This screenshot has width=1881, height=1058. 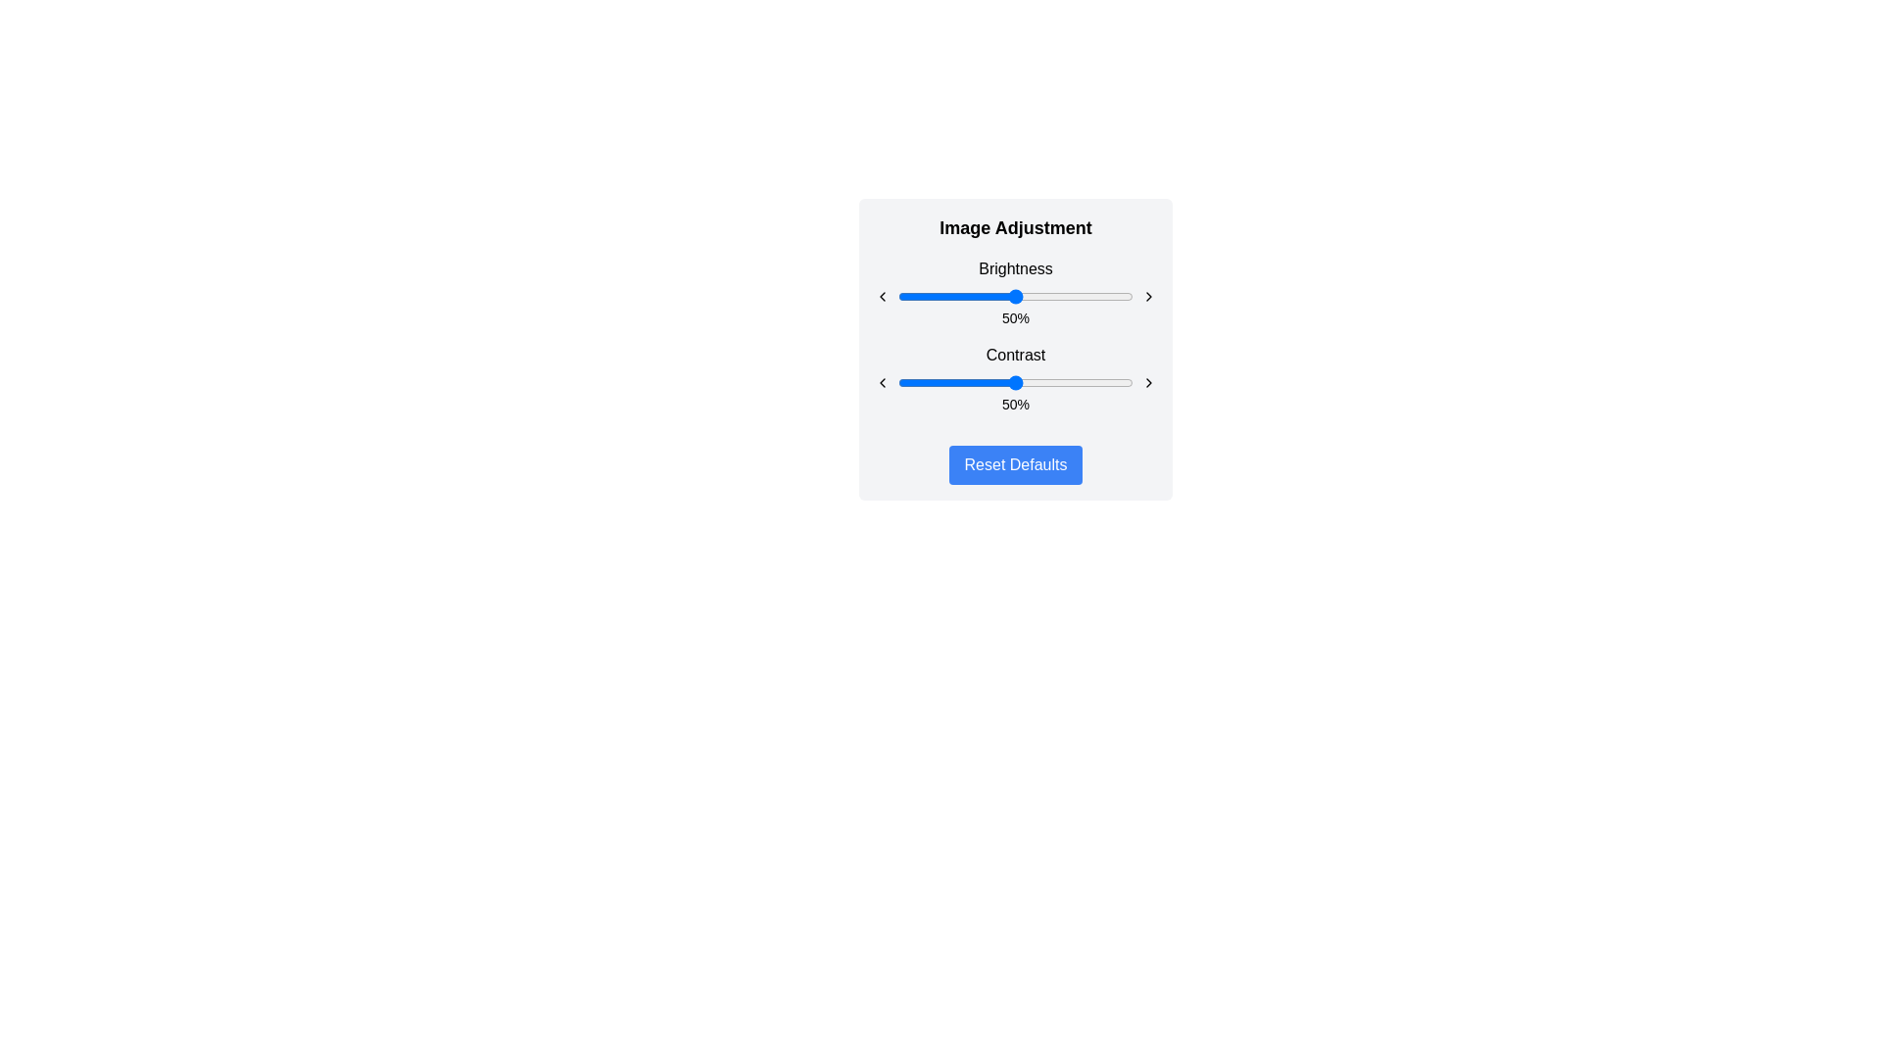 What do you see at coordinates (1069, 297) in the screenshot?
I see `brightness` at bounding box center [1069, 297].